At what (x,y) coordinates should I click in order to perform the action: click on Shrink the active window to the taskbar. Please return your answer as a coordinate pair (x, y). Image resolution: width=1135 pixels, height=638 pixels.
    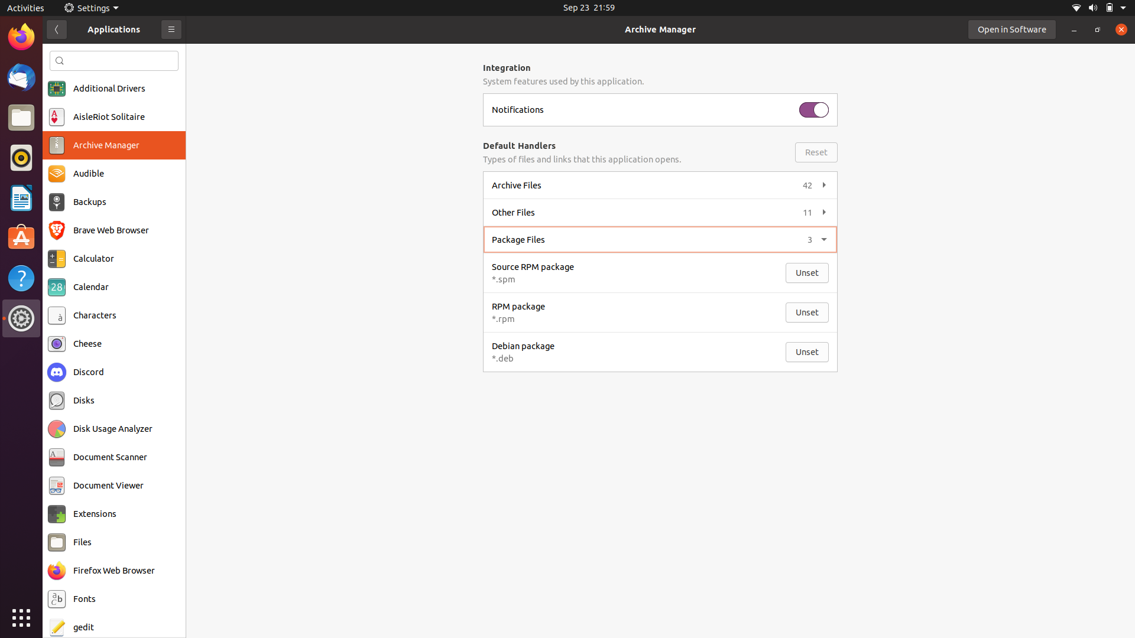
    Looking at the image, I should click on (1075, 29).